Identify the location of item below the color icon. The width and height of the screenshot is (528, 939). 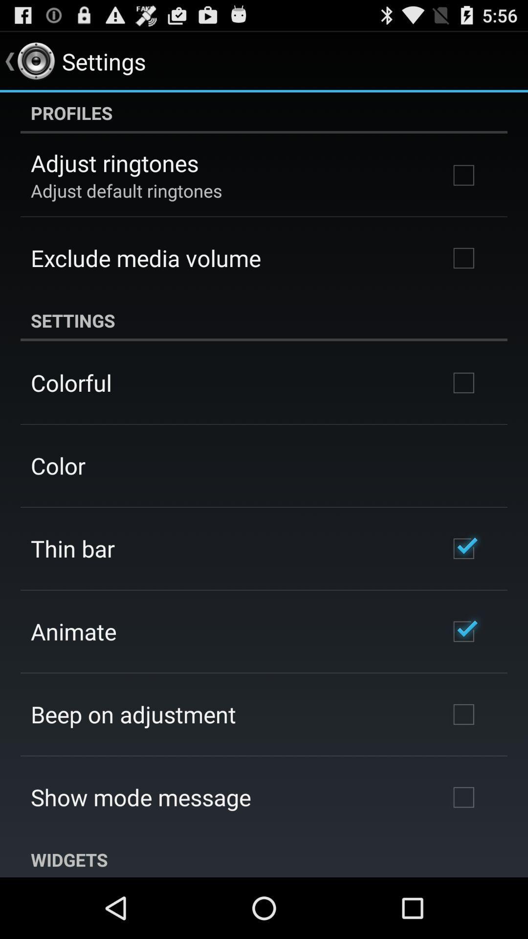
(72, 548).